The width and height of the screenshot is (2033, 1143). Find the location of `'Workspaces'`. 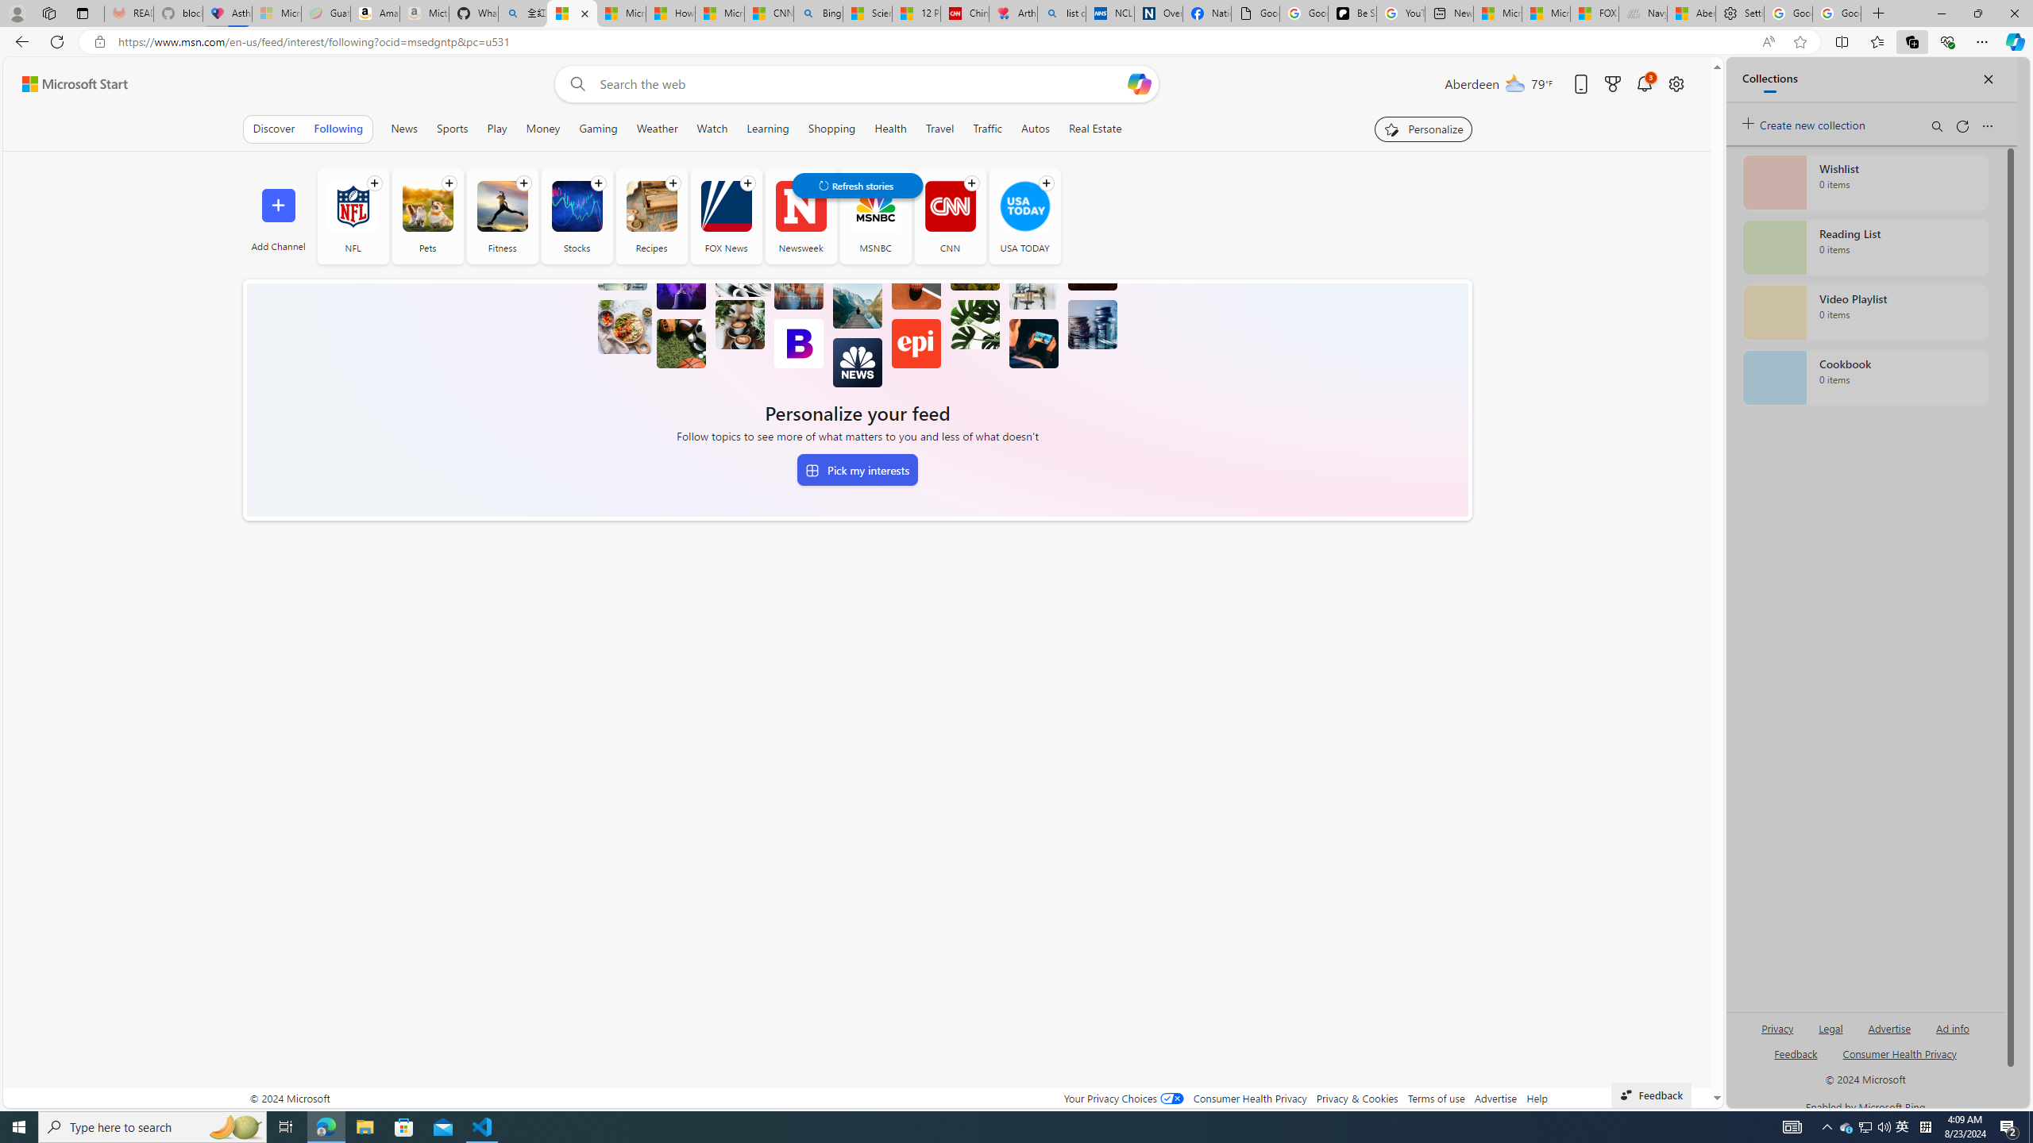

'Workspaces' is located at coordinates (48, 13).